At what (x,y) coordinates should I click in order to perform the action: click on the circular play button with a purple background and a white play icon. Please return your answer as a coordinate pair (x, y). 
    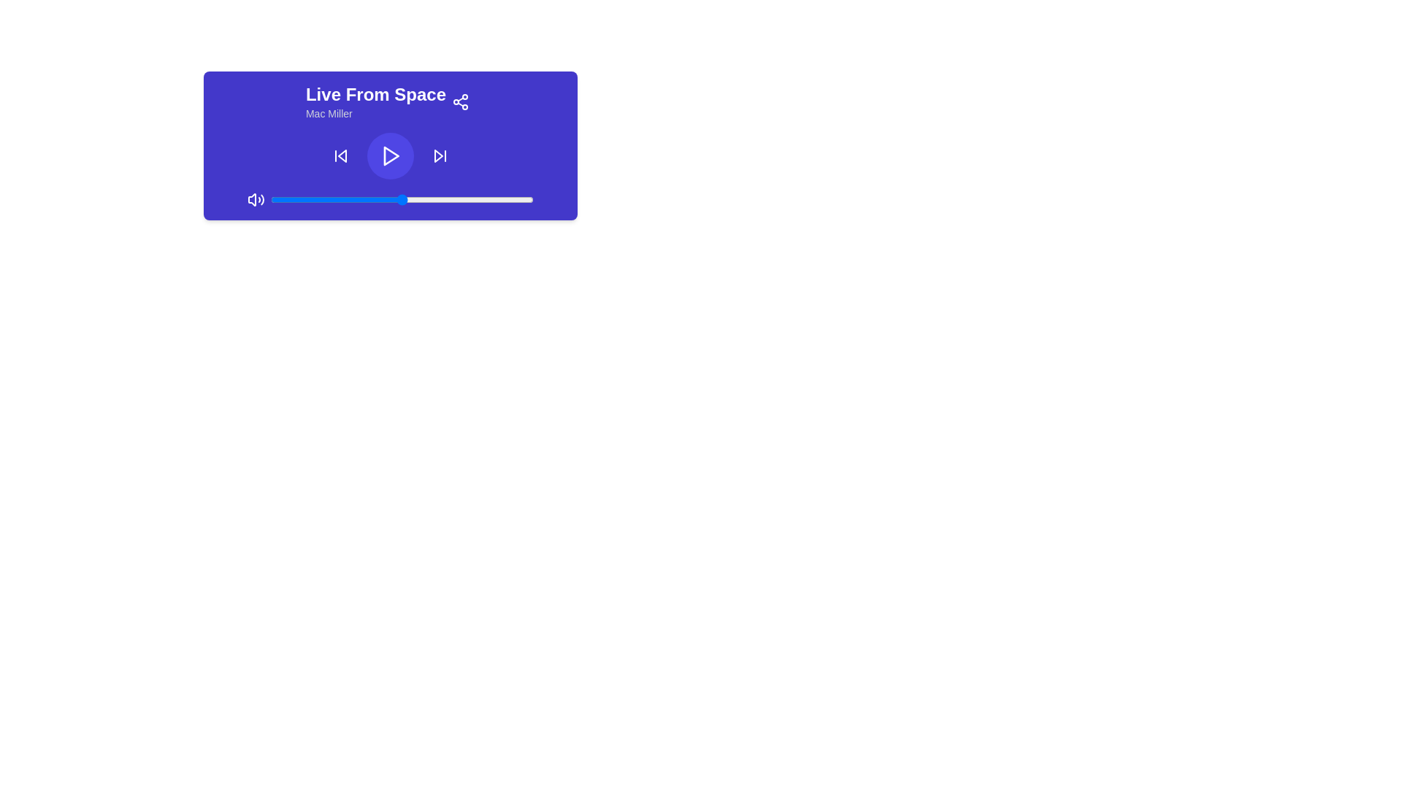
    Looking at the image, I should click on (390, 155).